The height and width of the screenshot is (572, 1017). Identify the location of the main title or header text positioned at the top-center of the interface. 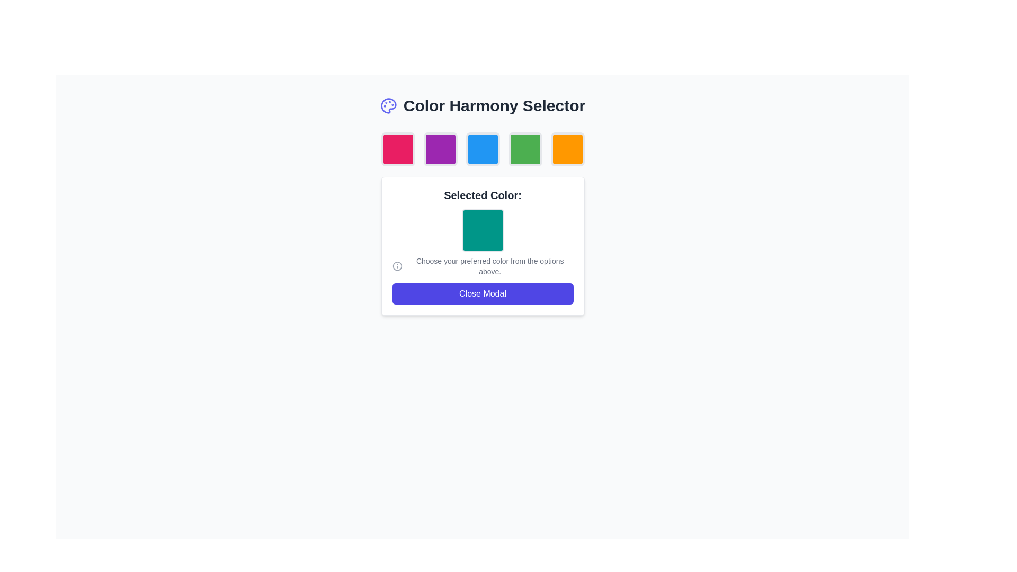
(494, 106).